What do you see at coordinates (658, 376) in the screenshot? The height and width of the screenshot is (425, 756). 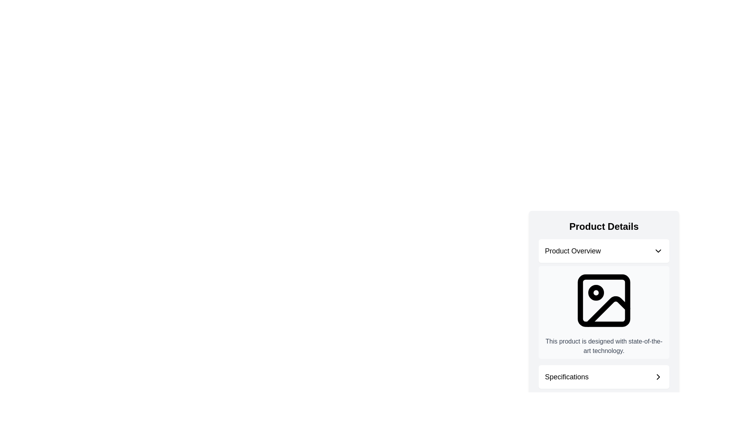 I see `the navigation button located at the far-right of the 'Specifications' card` at bounding box center [658, 376].